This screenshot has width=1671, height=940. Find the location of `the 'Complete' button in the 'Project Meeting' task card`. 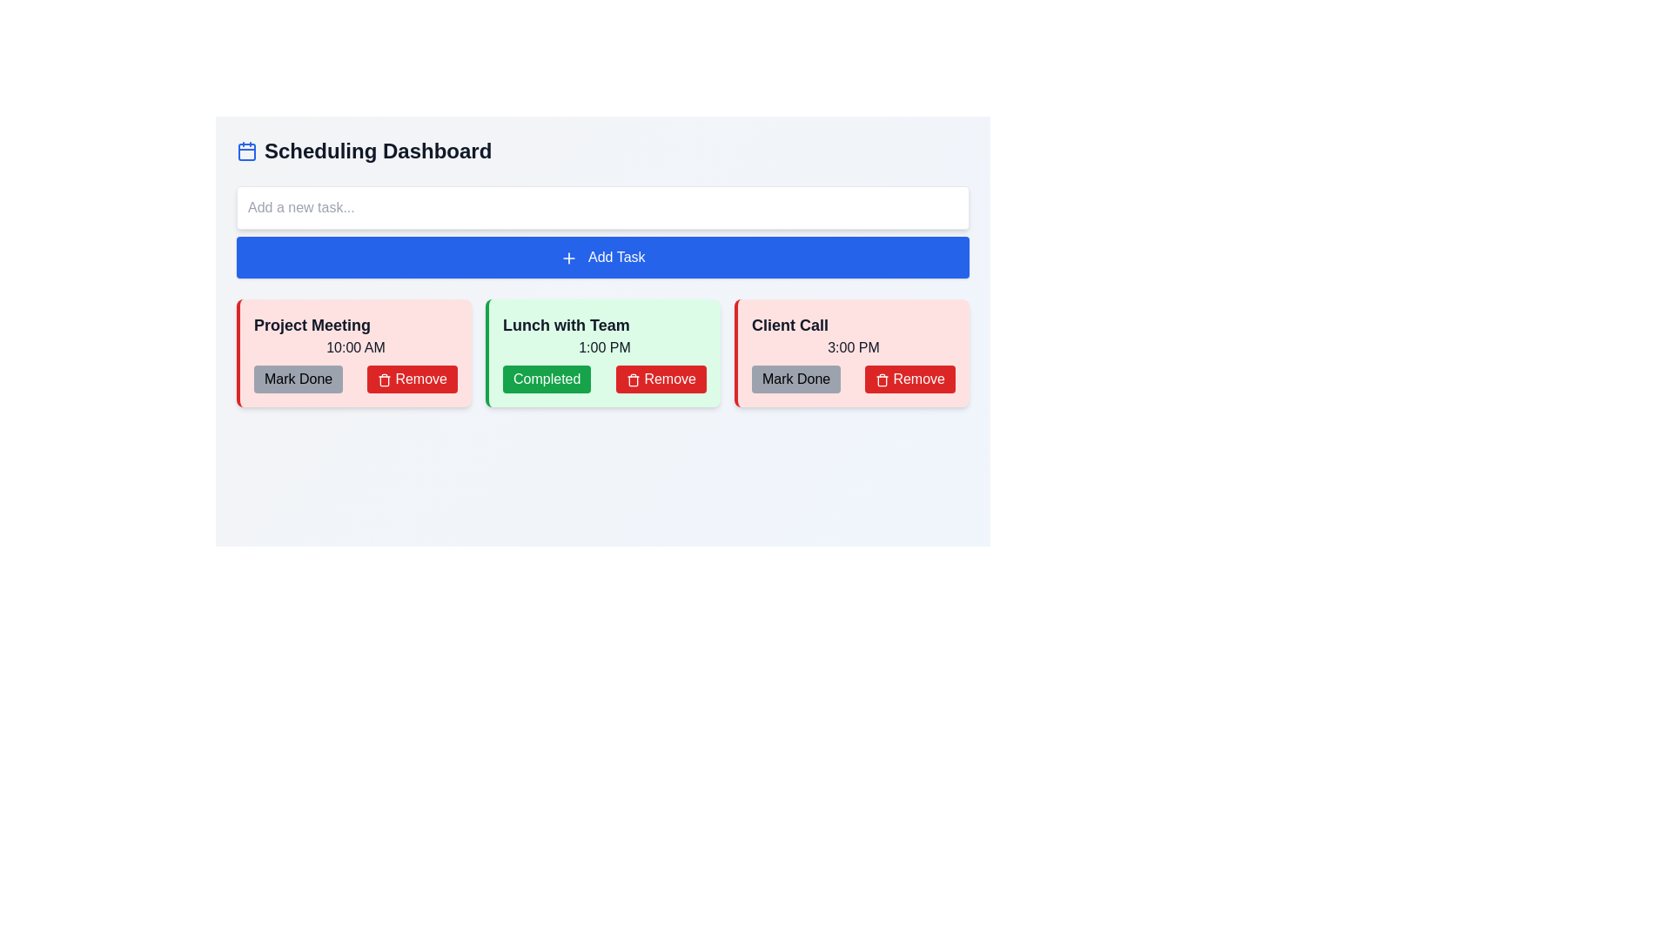

the 'Complete' button in the 'Project Meeting' task card is located at coordinates (299, 378).